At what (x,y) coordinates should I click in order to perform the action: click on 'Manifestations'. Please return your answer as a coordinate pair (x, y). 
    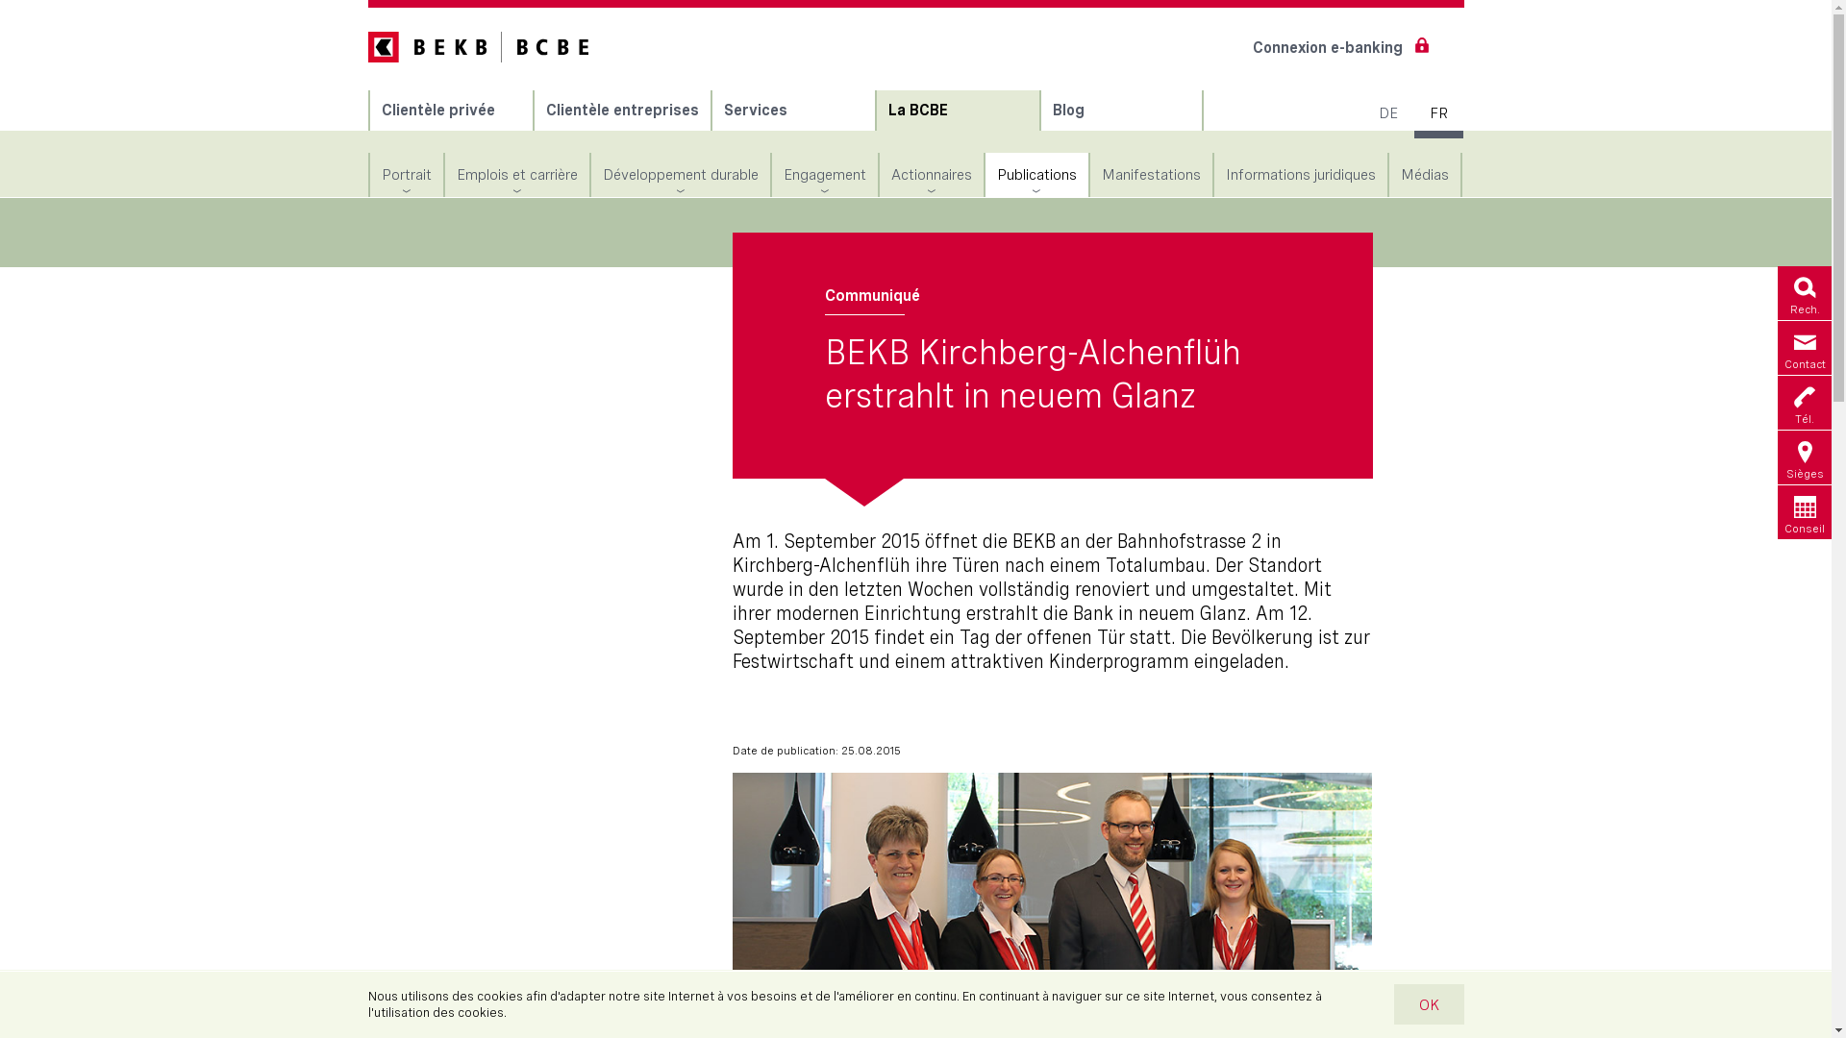
    Looking at the image, I should click on (1151, 174).